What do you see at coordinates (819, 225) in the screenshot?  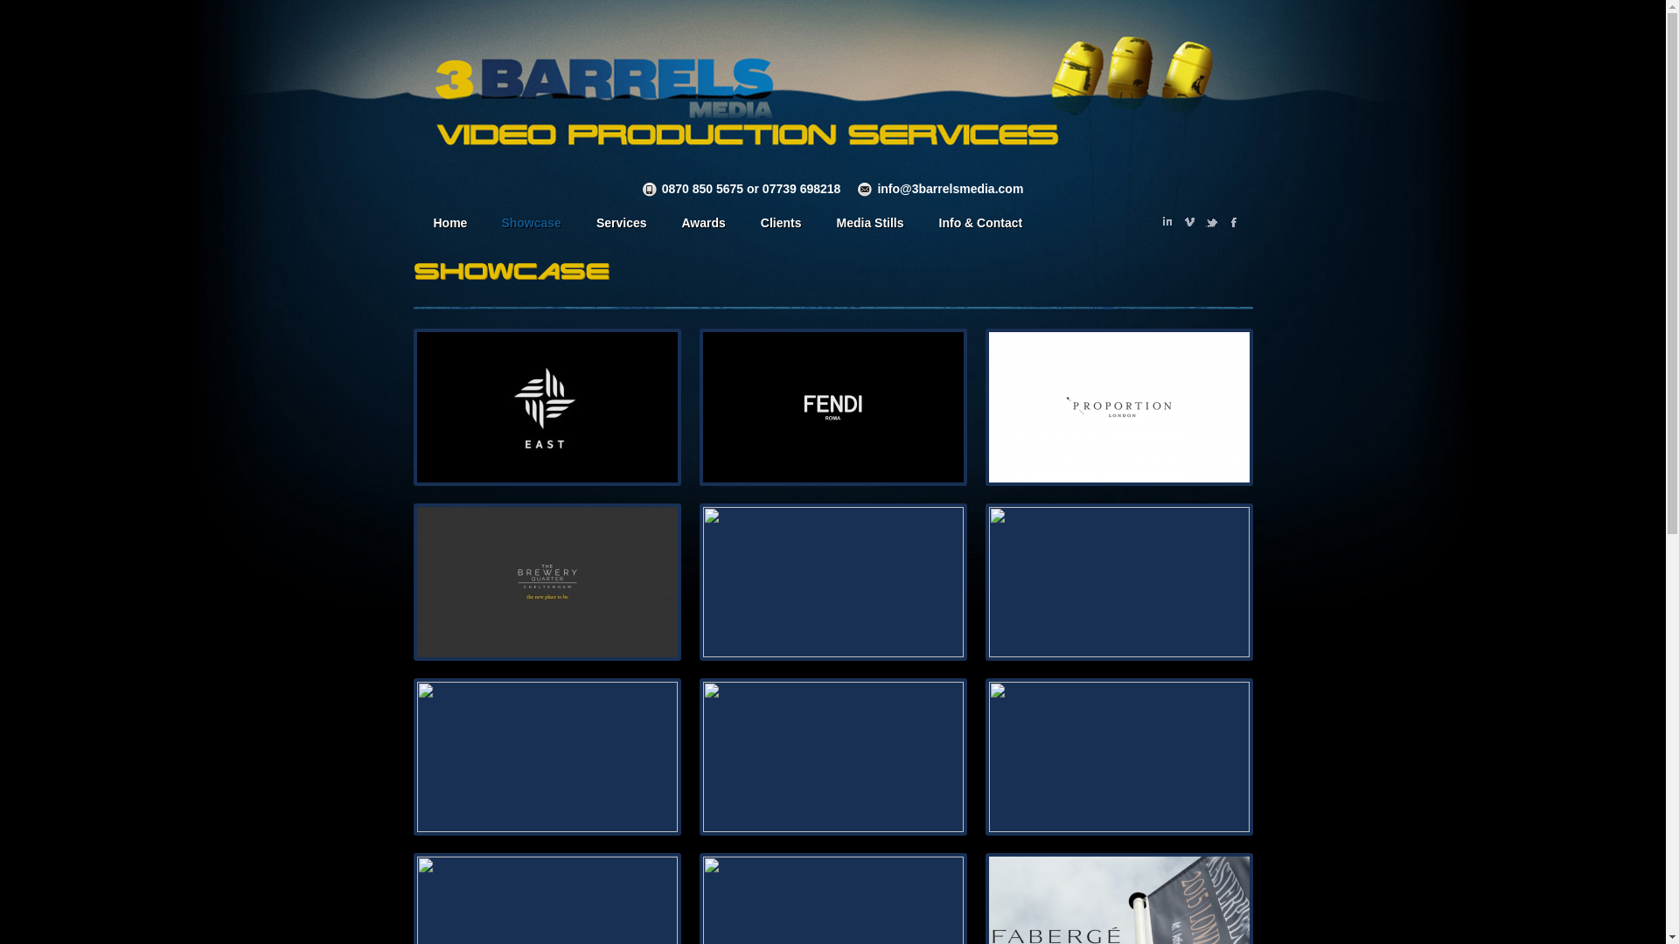 I see `'Media Stills'` at bounding box center [819, 225].